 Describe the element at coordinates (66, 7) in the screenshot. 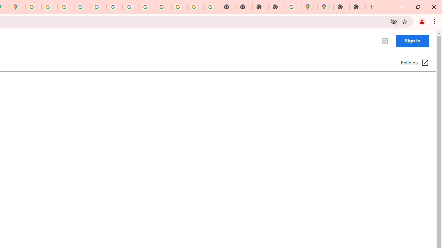

I see `'Privacy Help Center - Policies Help'` at that location.